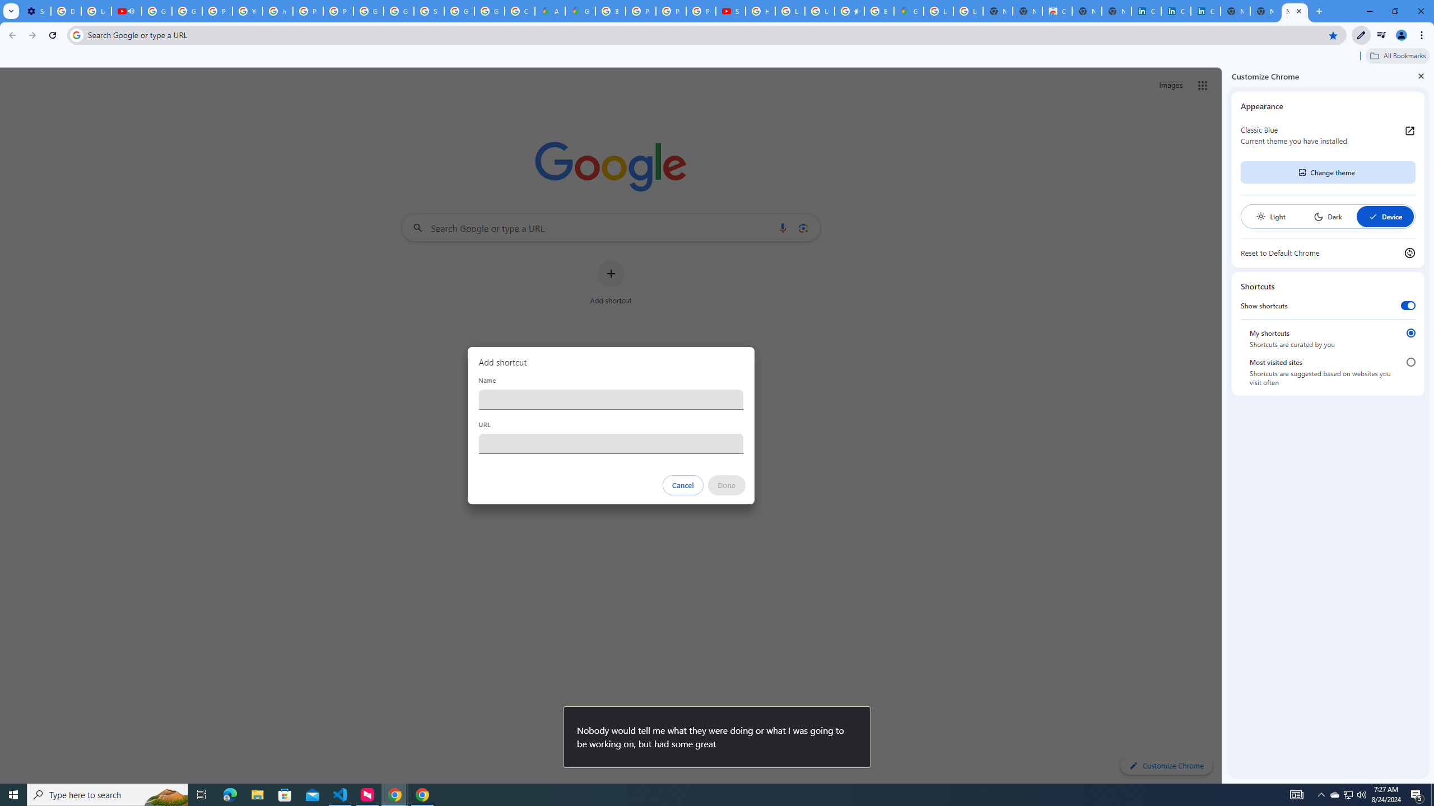 Image resolution: width=1434 pixels, height=806 pixels. What do you see at coordinates (1327, 172) in the screenshot?
I see `'Change theme'` at bounding box center [1327, 172].